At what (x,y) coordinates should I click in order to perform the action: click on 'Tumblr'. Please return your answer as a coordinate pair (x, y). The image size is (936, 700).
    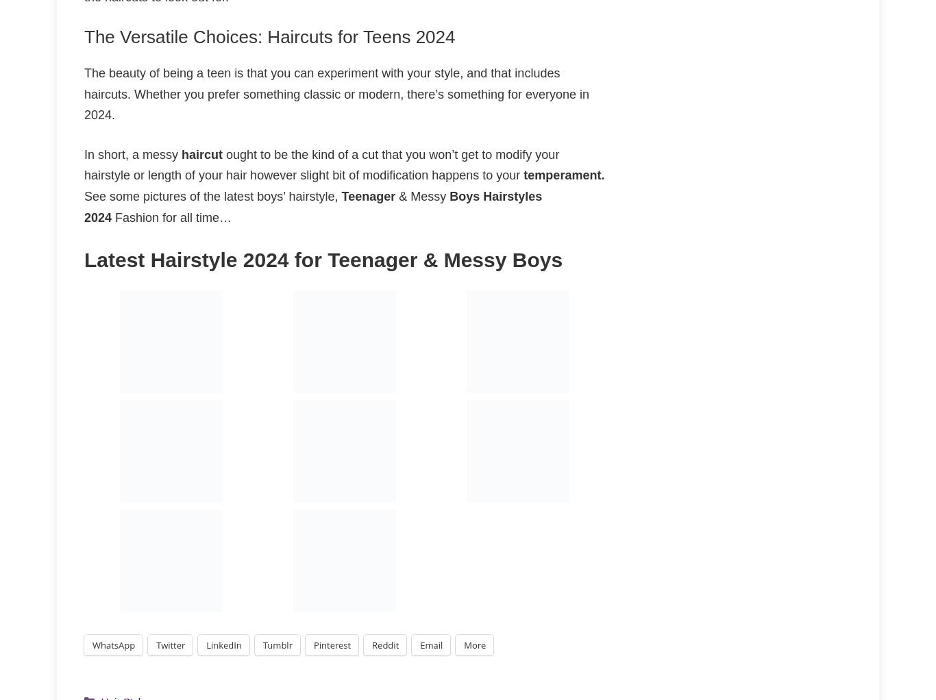
    Looking at the image, I should click on (276, 645).